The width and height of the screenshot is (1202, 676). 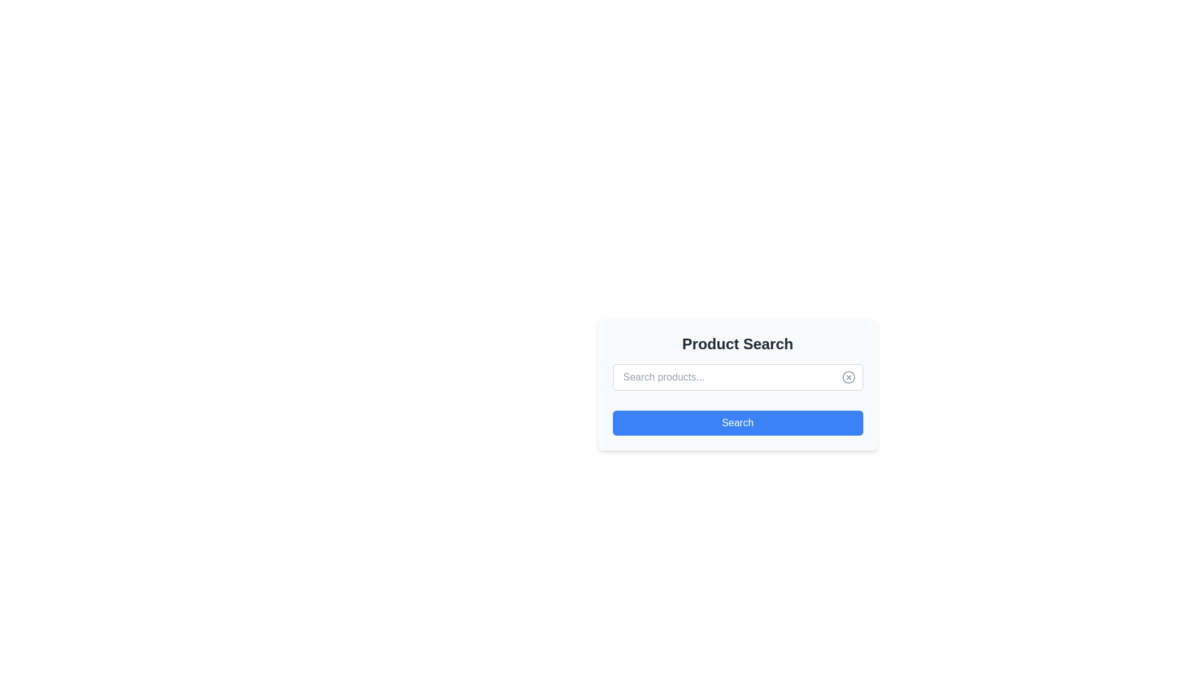 I want to click on the search button located below the input field and to the right of the search label, so click(x=737, y=422).